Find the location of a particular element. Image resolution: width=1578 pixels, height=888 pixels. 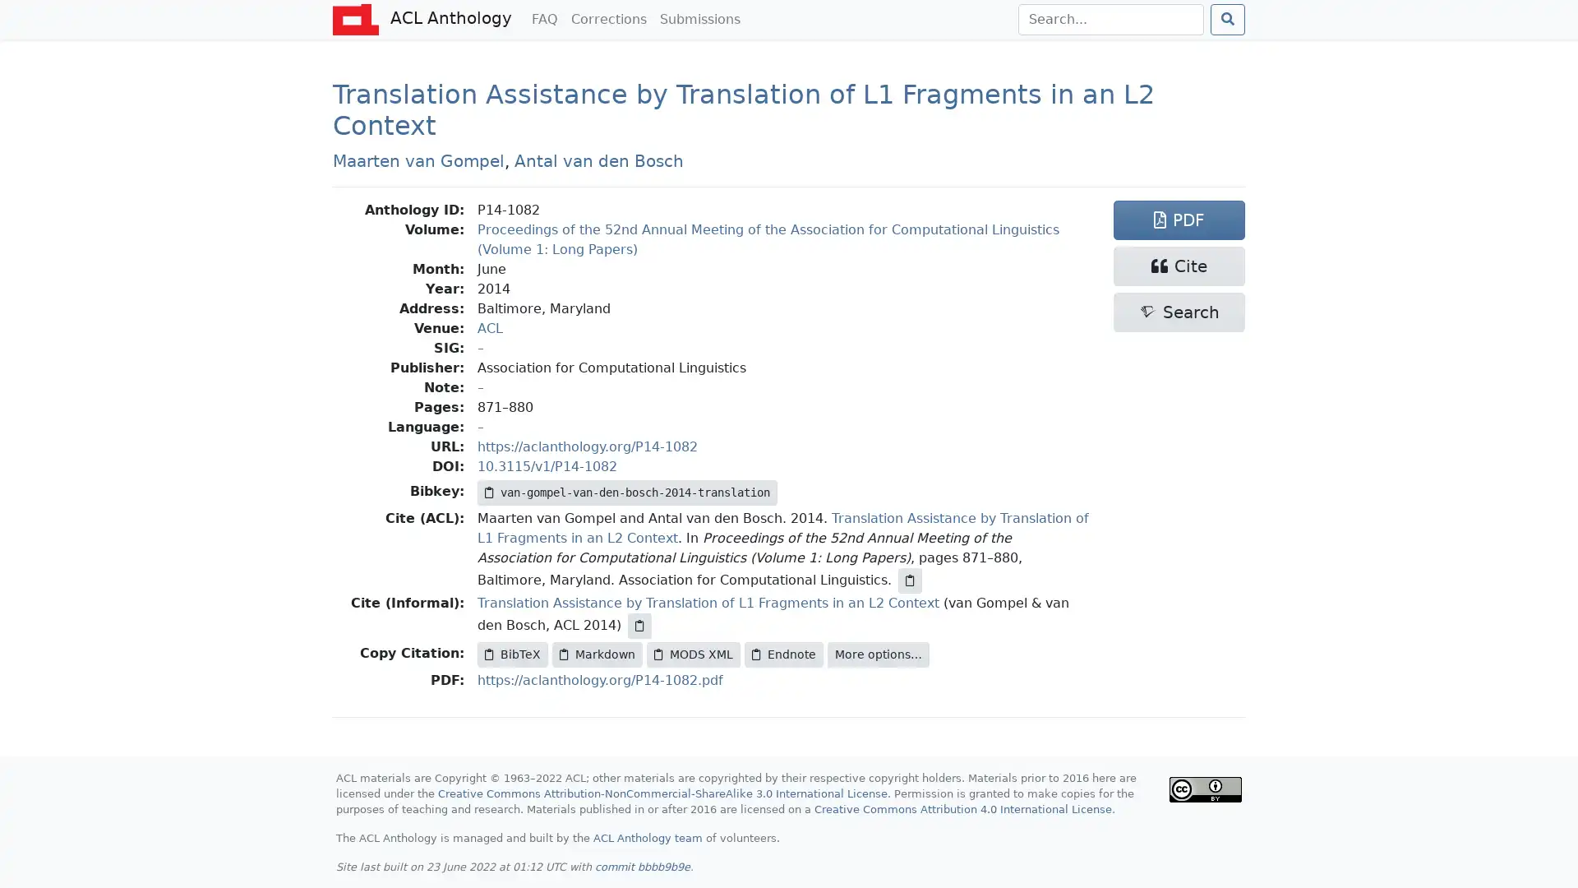

BibTeX is located at coordinates (512, 653).